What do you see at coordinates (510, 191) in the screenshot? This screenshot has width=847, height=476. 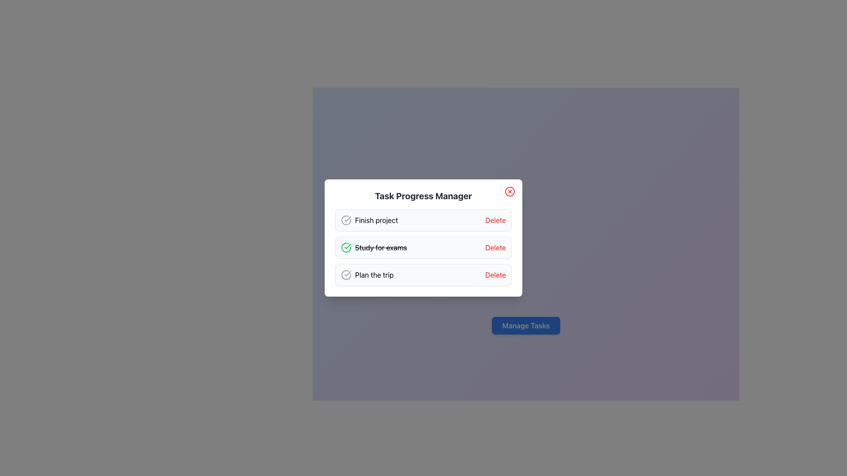 I see `the circular graphical feature with a red border that indicates a close action, located at the top-right corner of the 'Task Progress Manager' modal dialog` at bounding box center [510, 191].